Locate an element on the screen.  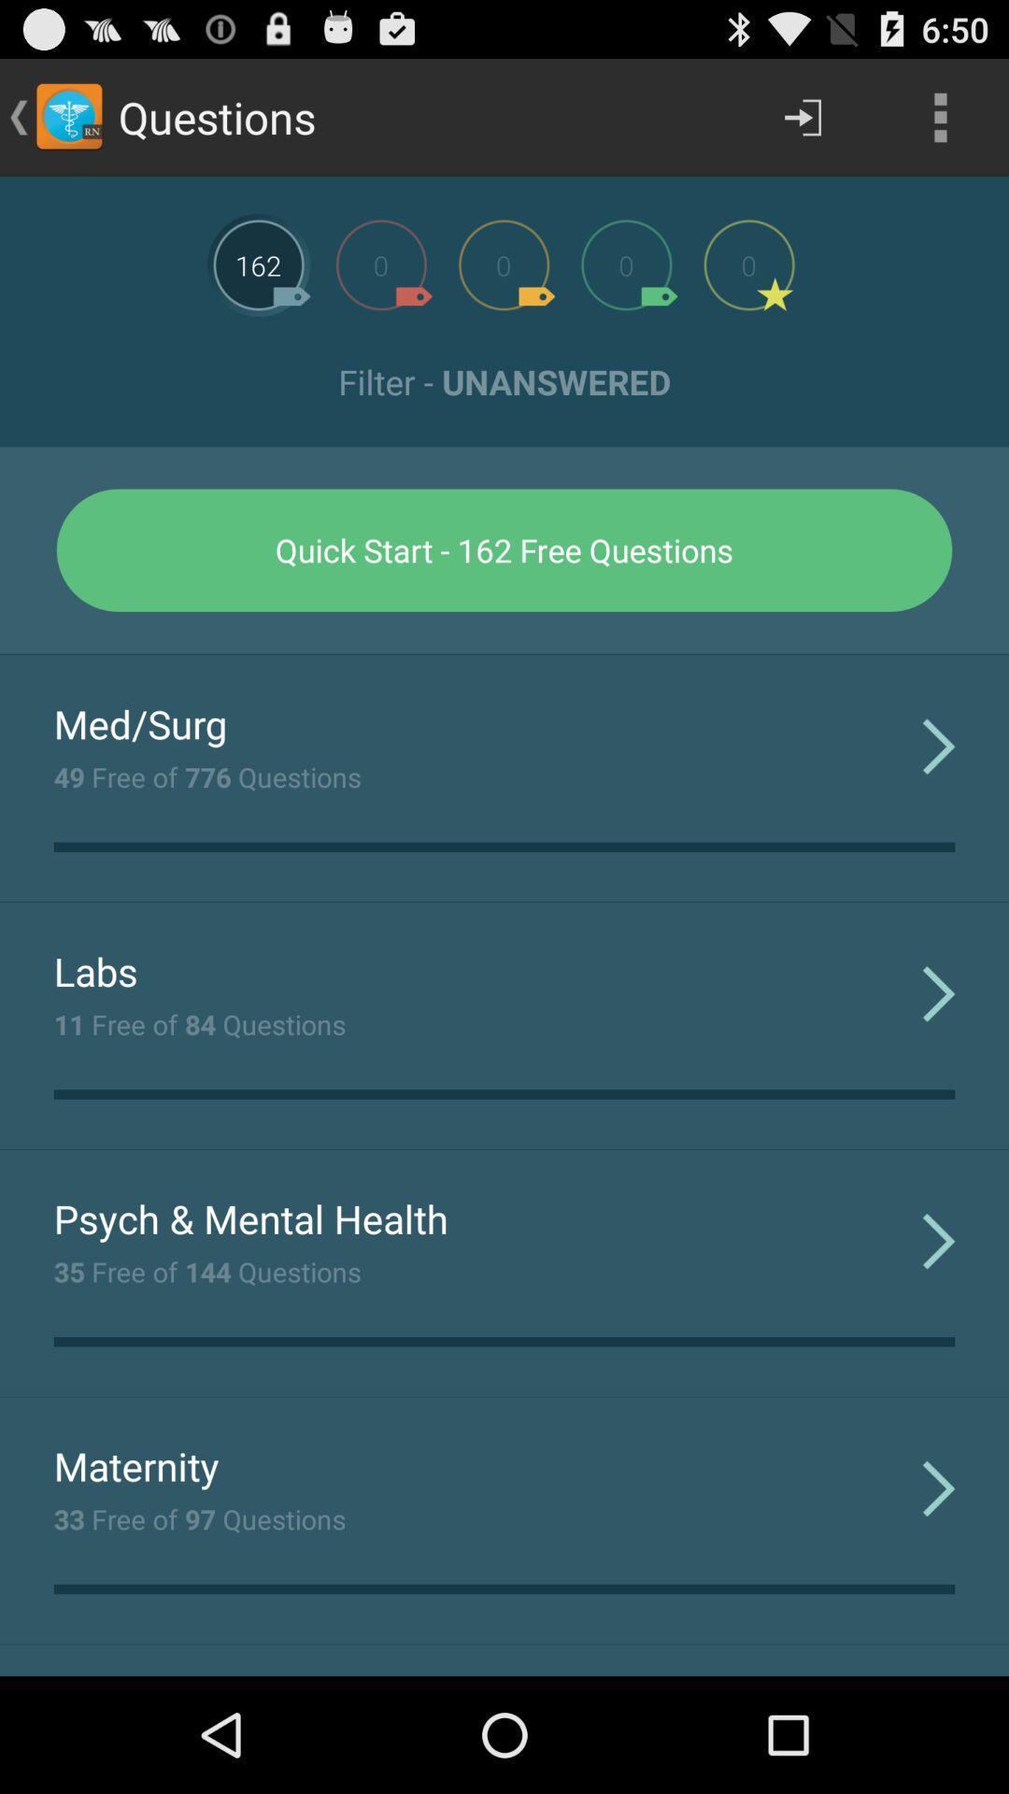
type is located at coordinates (748, 263).